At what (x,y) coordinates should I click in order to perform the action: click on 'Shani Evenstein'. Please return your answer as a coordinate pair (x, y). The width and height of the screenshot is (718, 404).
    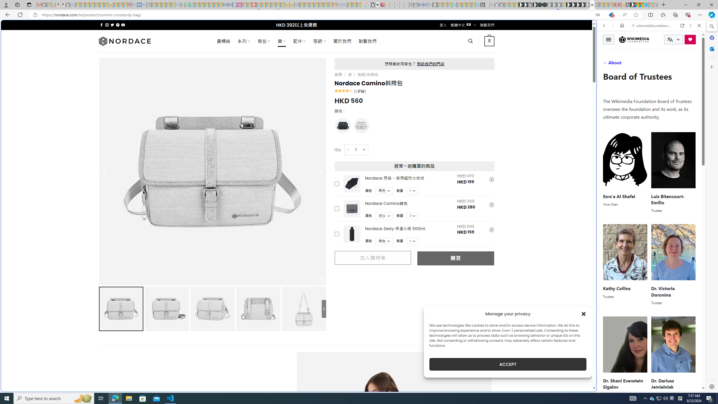
    Looking at the image, I should click on (625, 345).